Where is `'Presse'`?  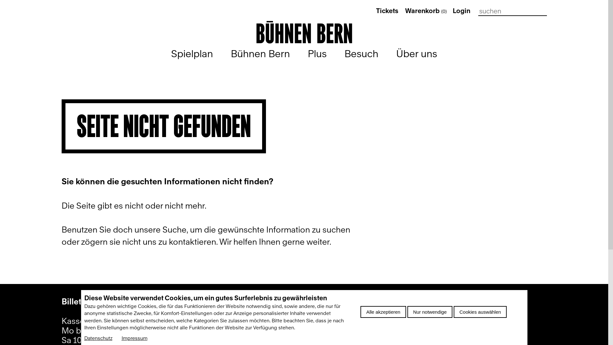 'Presse' is located at coordinates (408, 320).